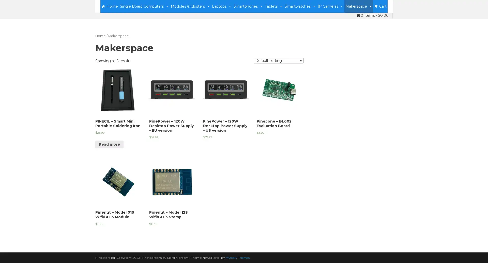 This screenshot has height=274, width=488. What do you see at coordinates (322, 266) in the screenshot?
I see `Accept` at bounding box center [322, 266].